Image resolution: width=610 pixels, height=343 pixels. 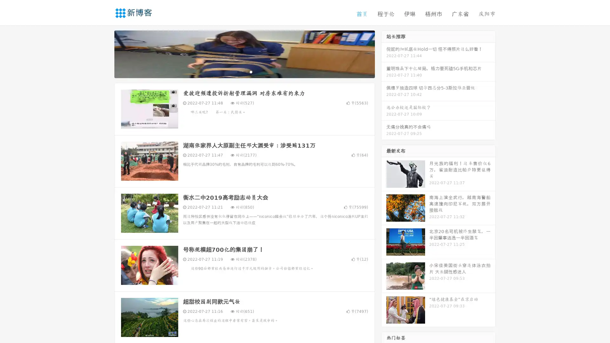 I want to click on Go to slide 1, so click(x=238, y=71).